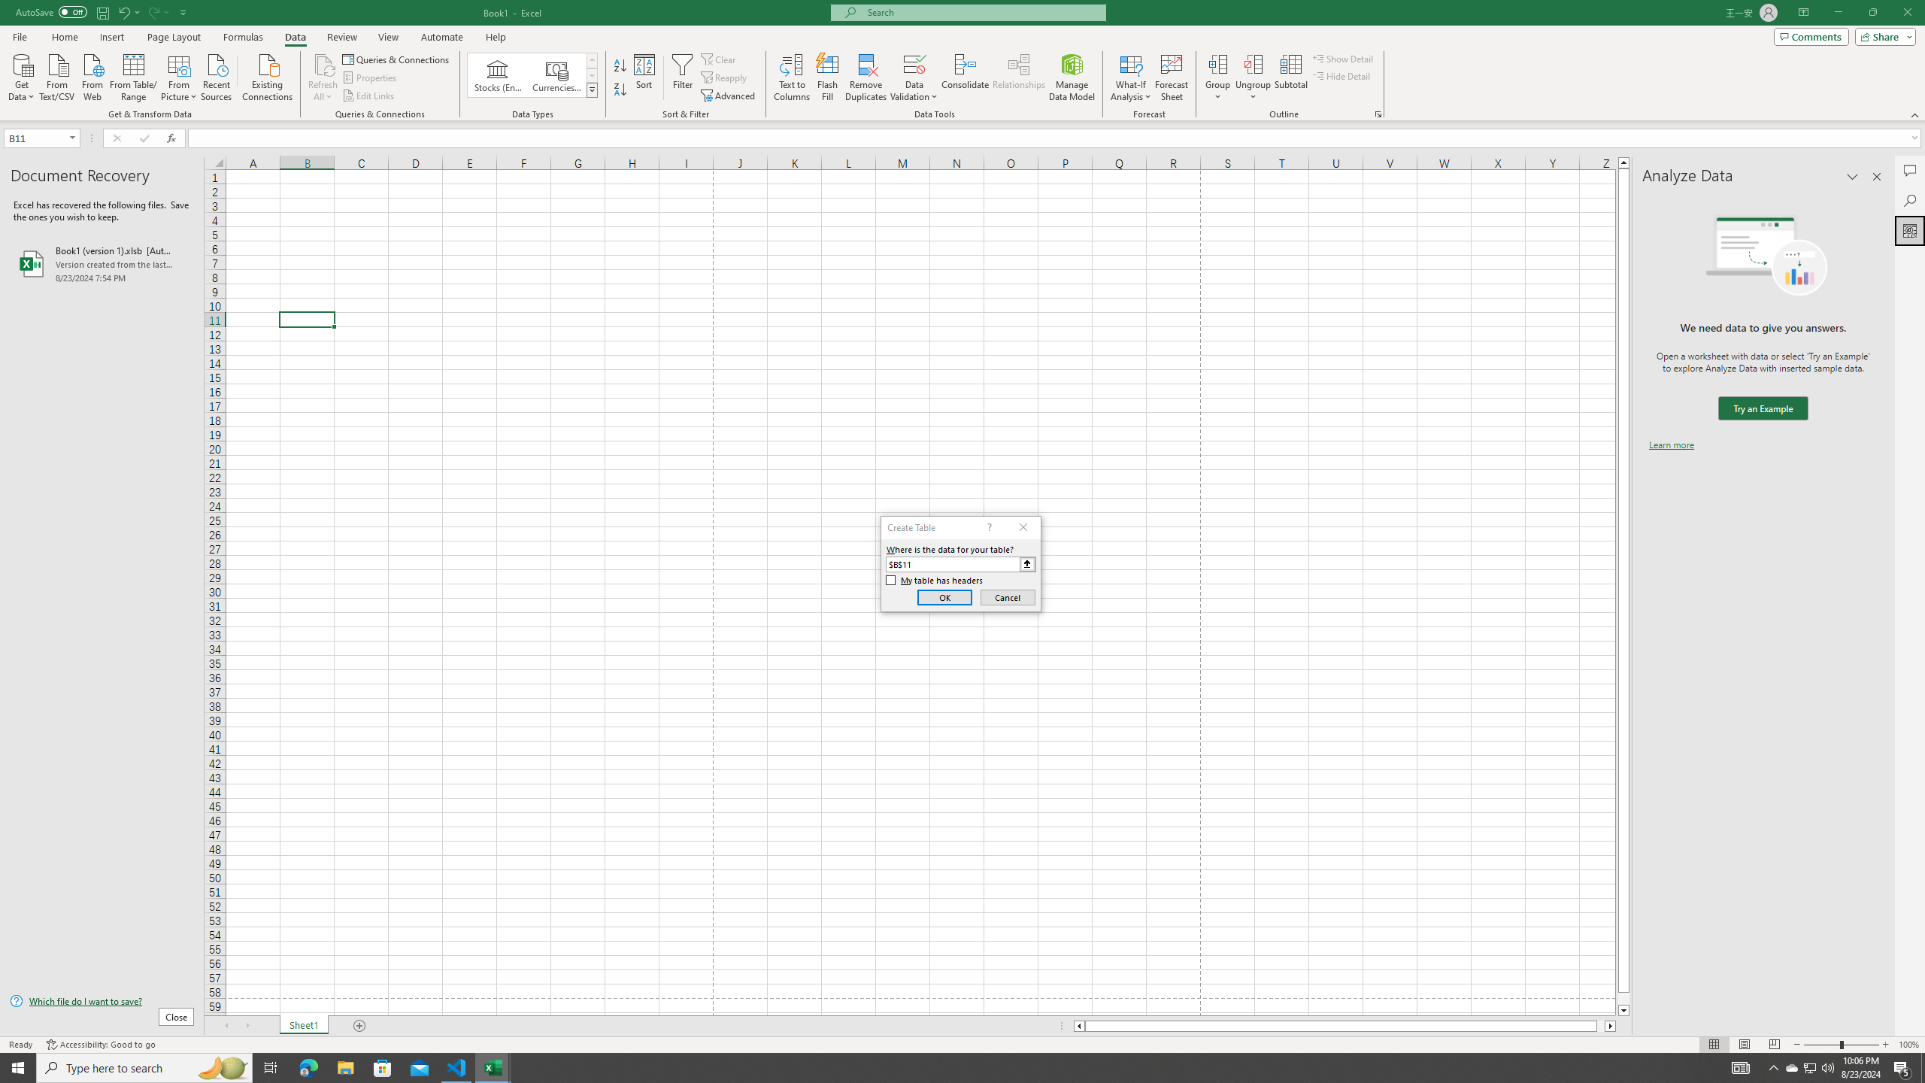  What do you see at coordinates (1290, 77) in the screenshot?
I see `'Subtotal'` at bounding box center [1290, 77].